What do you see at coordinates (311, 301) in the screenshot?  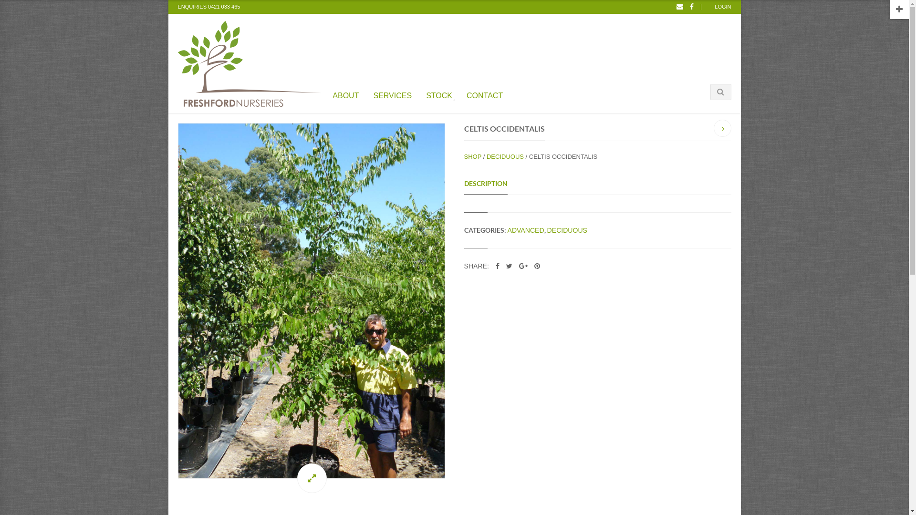 I see `'Celtis occidentalis 1'` at bounding box center [311, 301].